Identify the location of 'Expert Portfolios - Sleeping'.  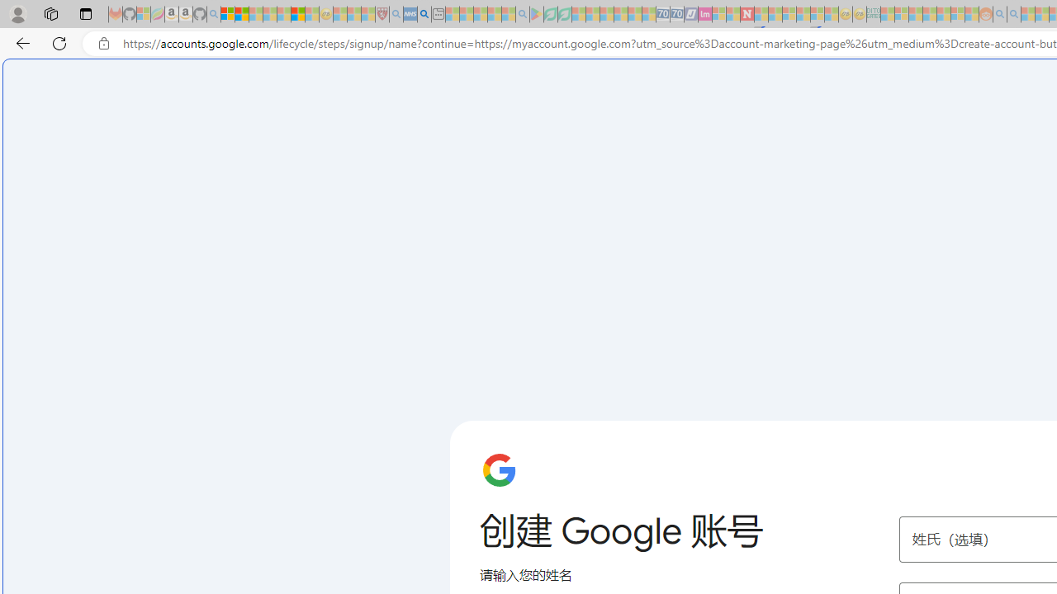
(929, 14).